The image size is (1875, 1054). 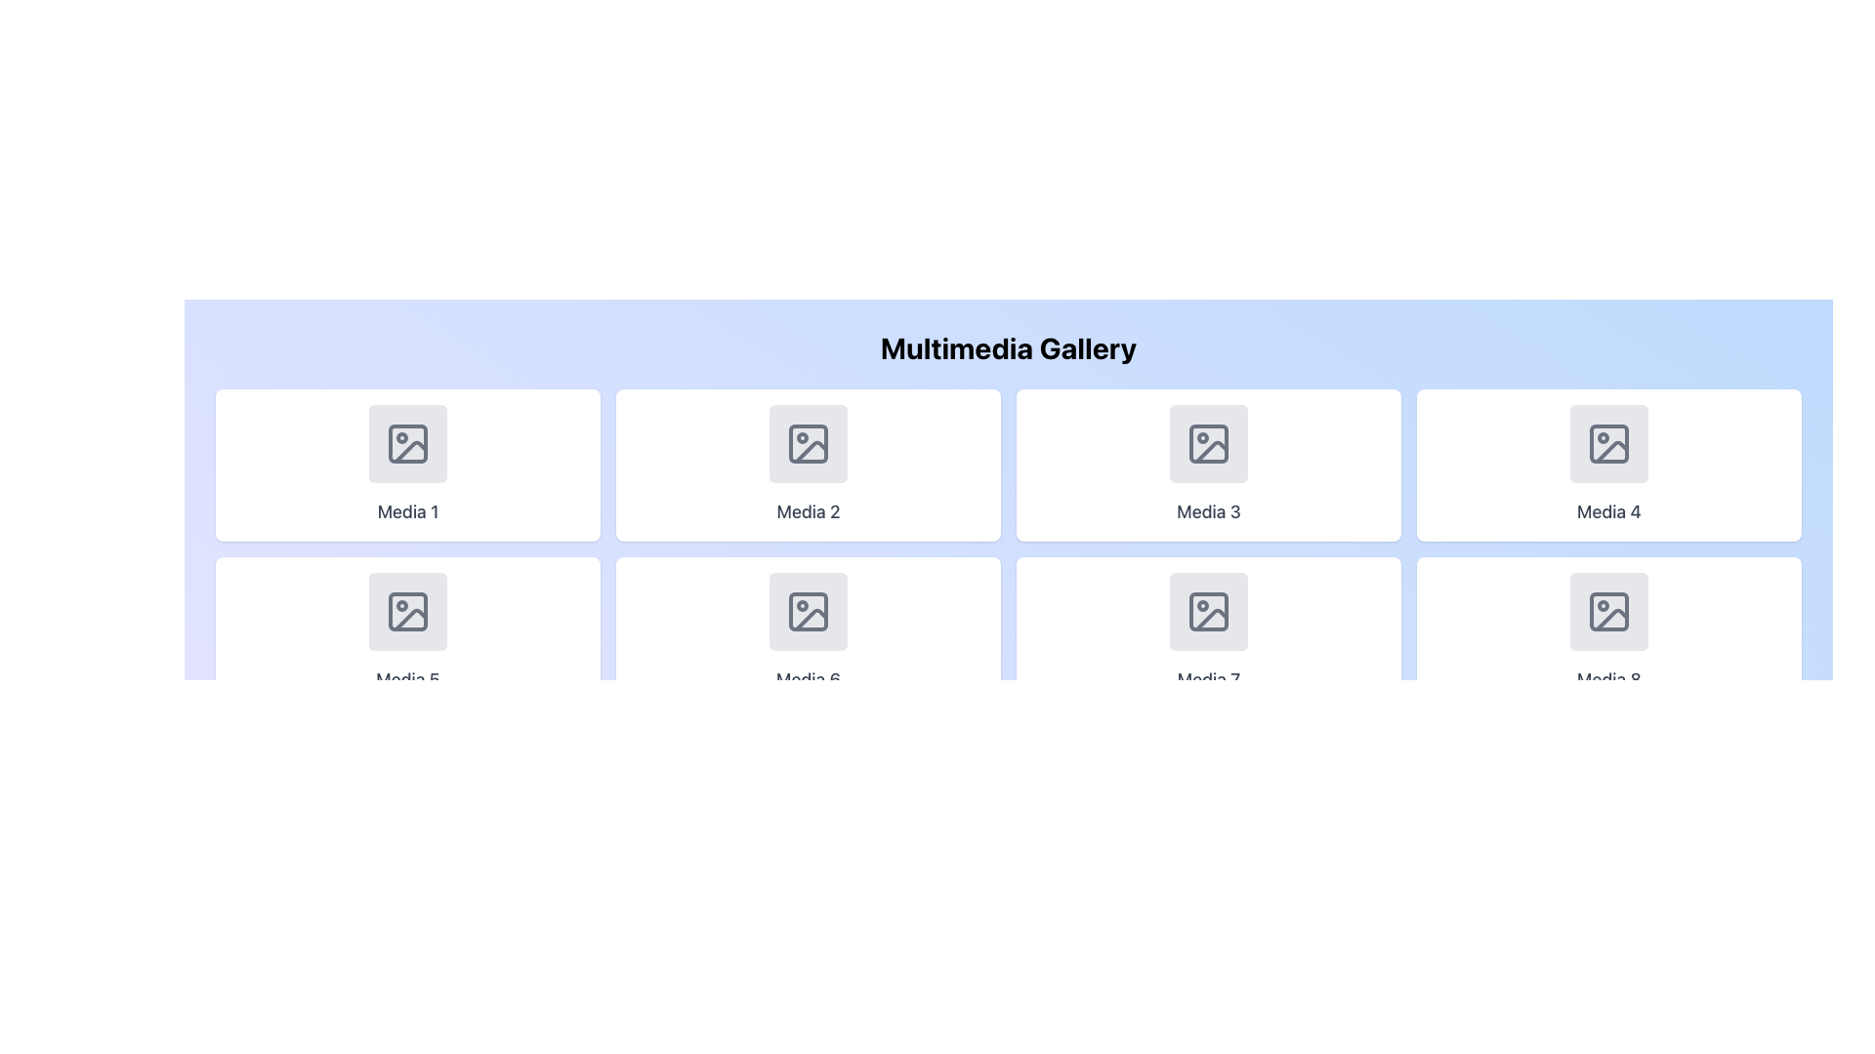 What do you see at coordinates (1208, 444) in the screenshot?
I see `the small, light gray decorative square element located in the top-left corner of the image placeholder within the gallery interface` at bounding box center [1208, 444].